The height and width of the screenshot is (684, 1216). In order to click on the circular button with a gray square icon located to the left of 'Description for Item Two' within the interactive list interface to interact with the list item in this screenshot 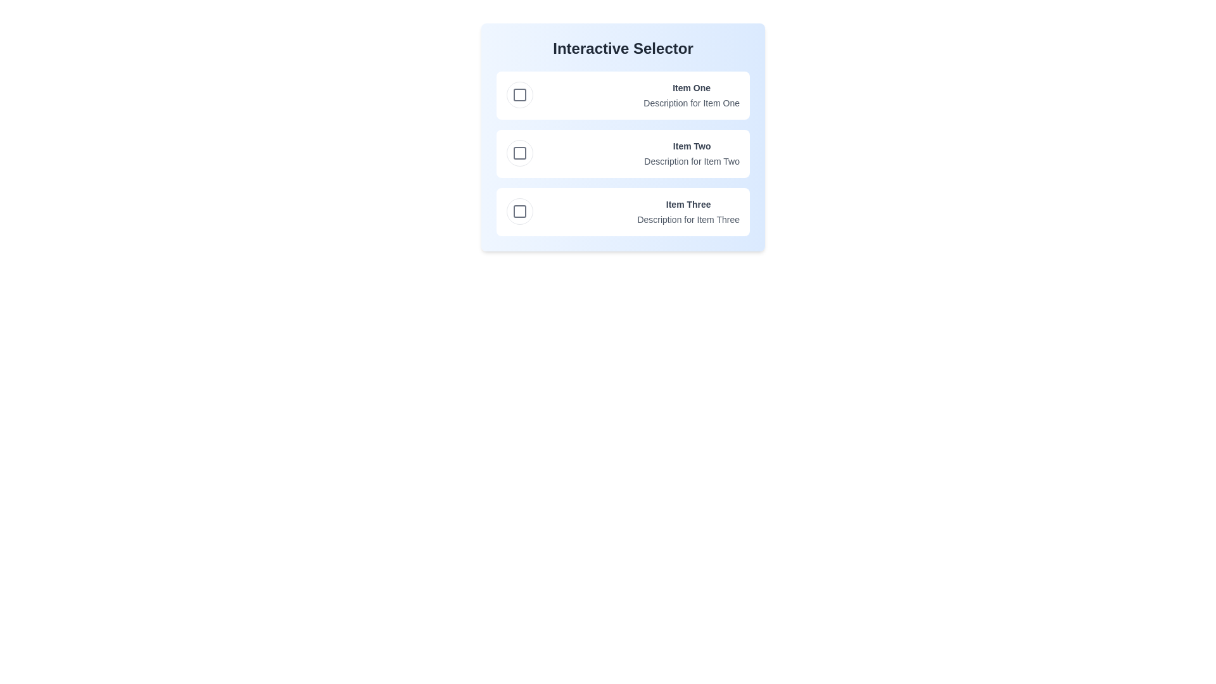, I will do `click(519, 153)`.